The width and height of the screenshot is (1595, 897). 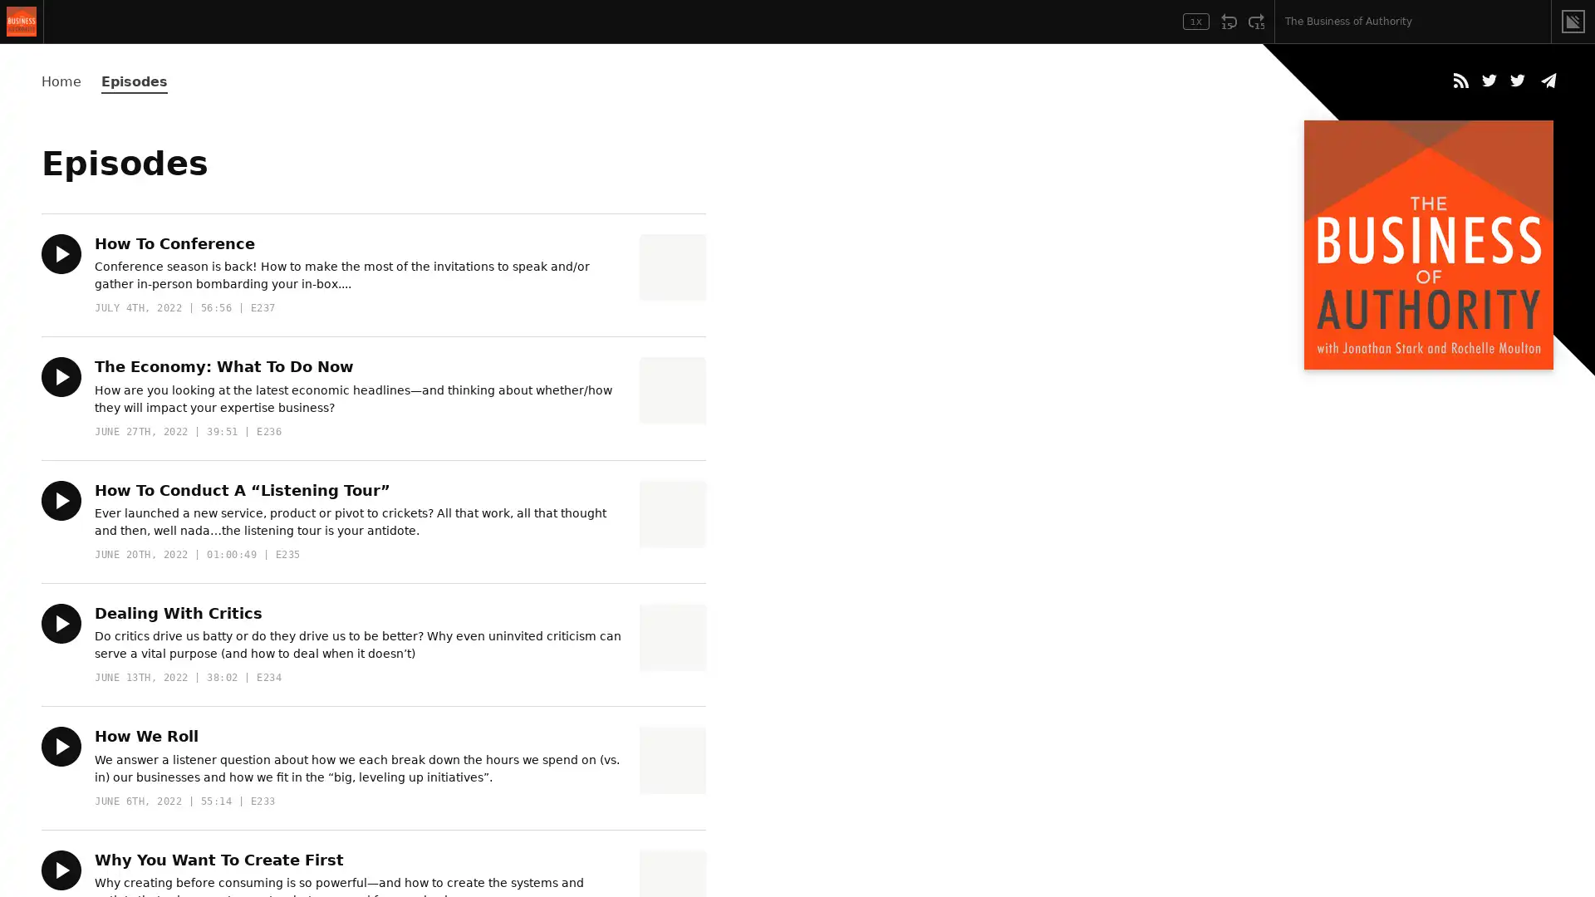 I want to click on Play, so click(x=61, y=498).